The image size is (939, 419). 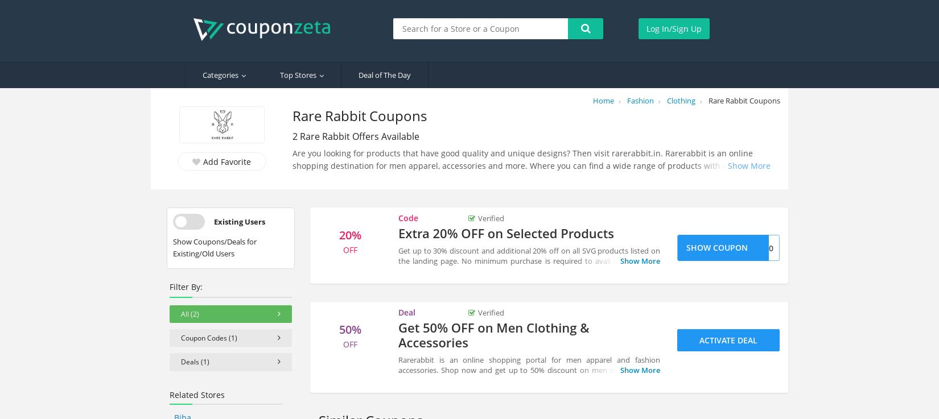 What do you see at coordinates (196, 393) in the screenshot?
I see `'Related Stores'` at bounding box center [196, 393].